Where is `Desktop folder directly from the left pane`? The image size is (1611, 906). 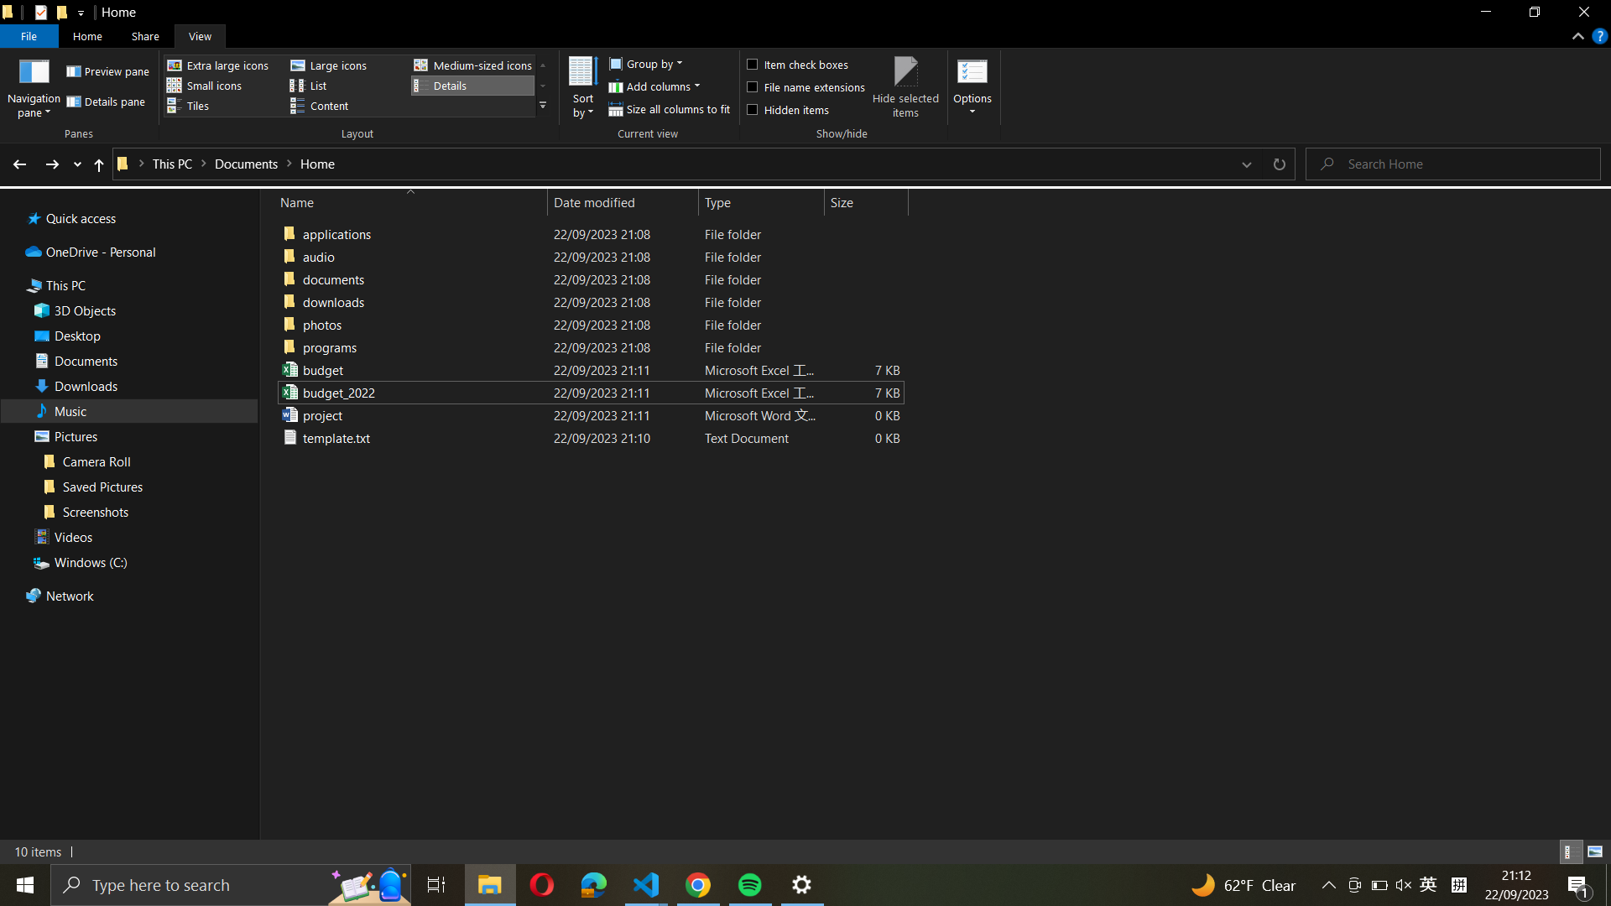 Desktop folder directly from the left pane is located at coordinates (130, 336).